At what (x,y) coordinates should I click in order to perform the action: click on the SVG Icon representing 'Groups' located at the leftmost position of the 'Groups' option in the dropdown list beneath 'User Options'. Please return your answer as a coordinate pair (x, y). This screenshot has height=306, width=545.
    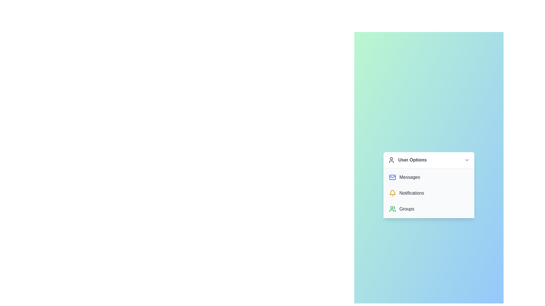
    Looking at the image, I should click on (392, 209).